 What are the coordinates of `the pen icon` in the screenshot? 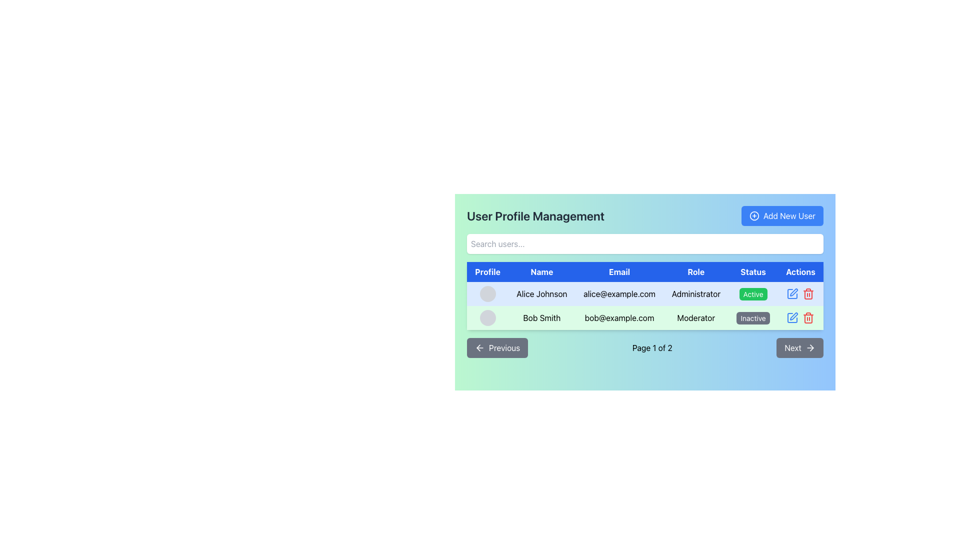 It's located at (793, 292).